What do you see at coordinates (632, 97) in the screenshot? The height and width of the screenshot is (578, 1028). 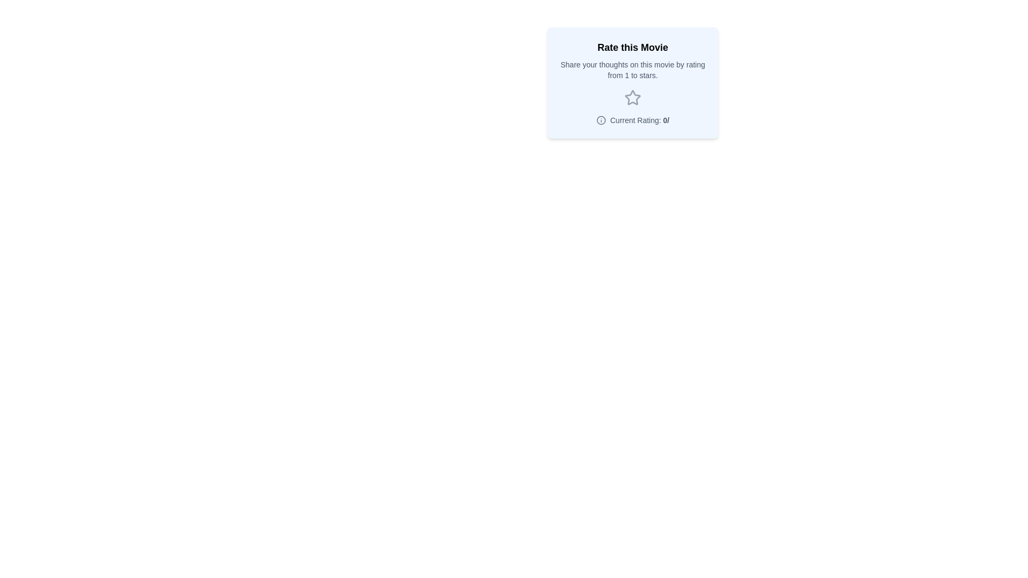 I see `the first star icon in the rating interface` at bounding box center [632, 97].